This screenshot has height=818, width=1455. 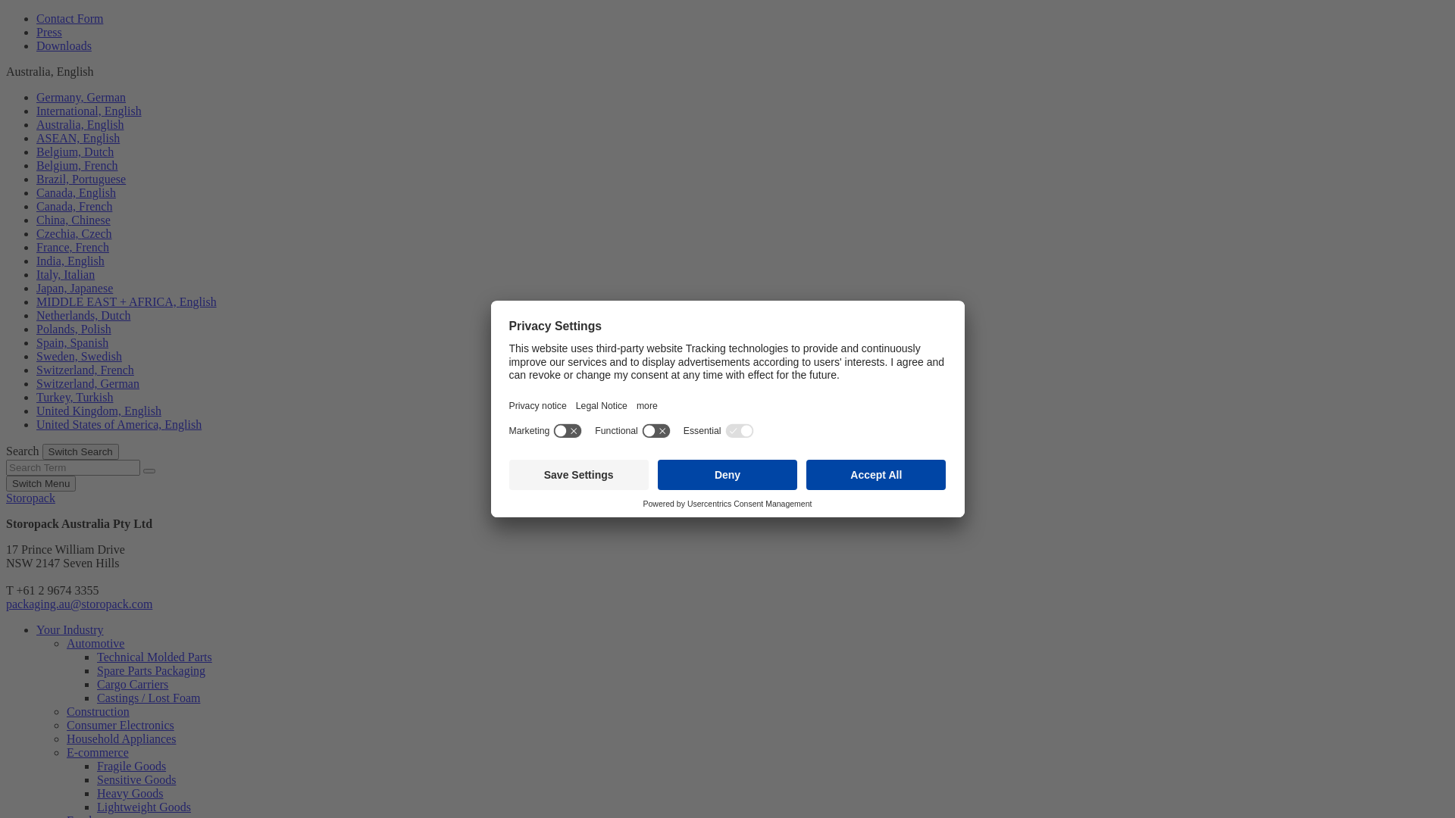 I want to click on 'Sweden, Swedish', so click(x=78, y=356).